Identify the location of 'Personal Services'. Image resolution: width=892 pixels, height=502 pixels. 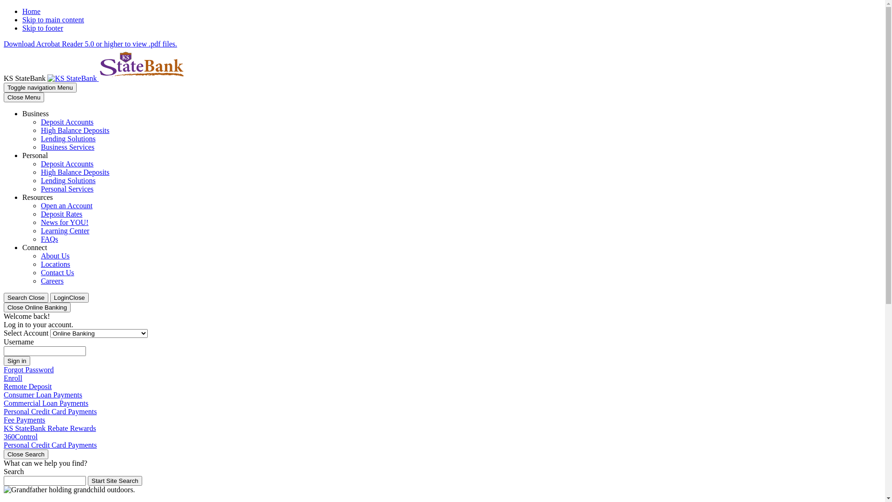
(66, 188).